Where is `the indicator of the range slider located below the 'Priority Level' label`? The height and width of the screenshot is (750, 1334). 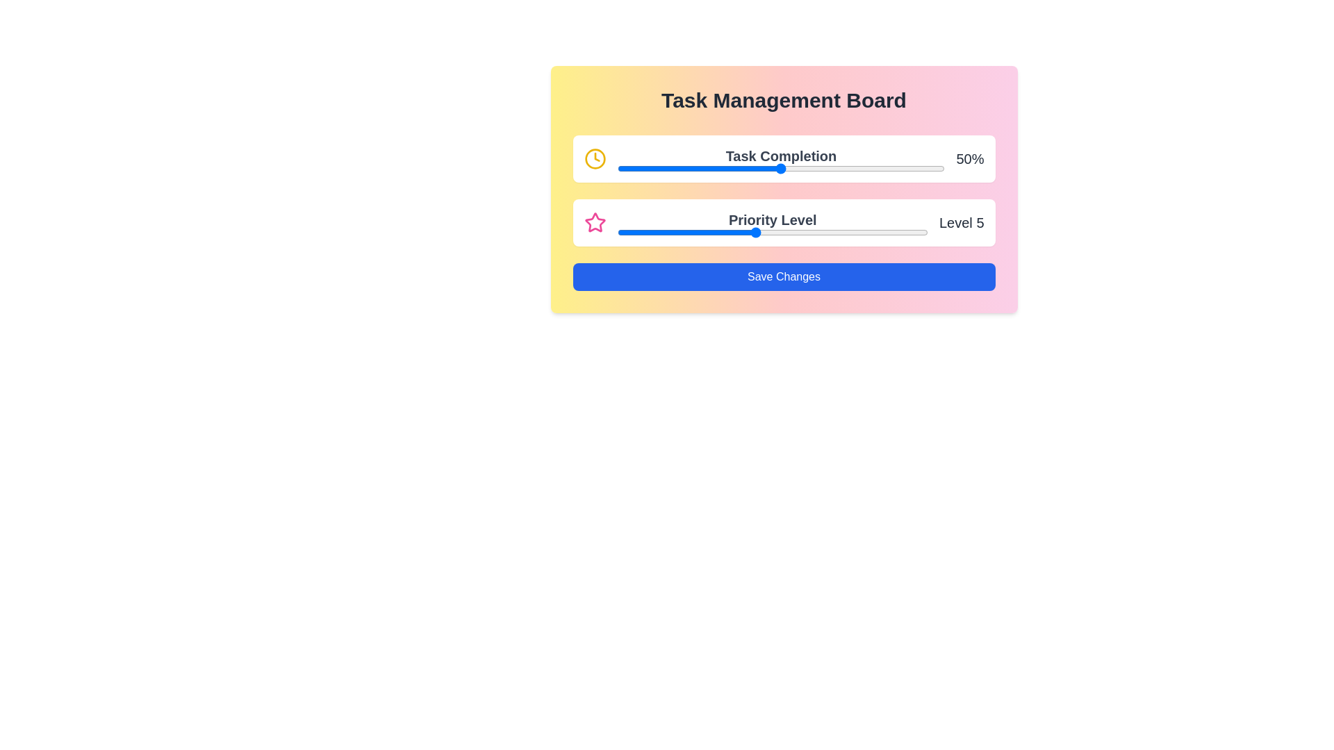 the indicator of the range slider located below the 'Priority Level' label is located at coordinates (772, 232).